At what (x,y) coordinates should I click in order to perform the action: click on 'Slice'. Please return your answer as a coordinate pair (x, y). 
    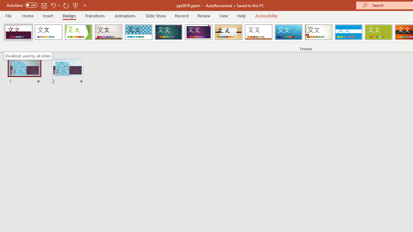
    Looking at the image, I should click on (288, 32).